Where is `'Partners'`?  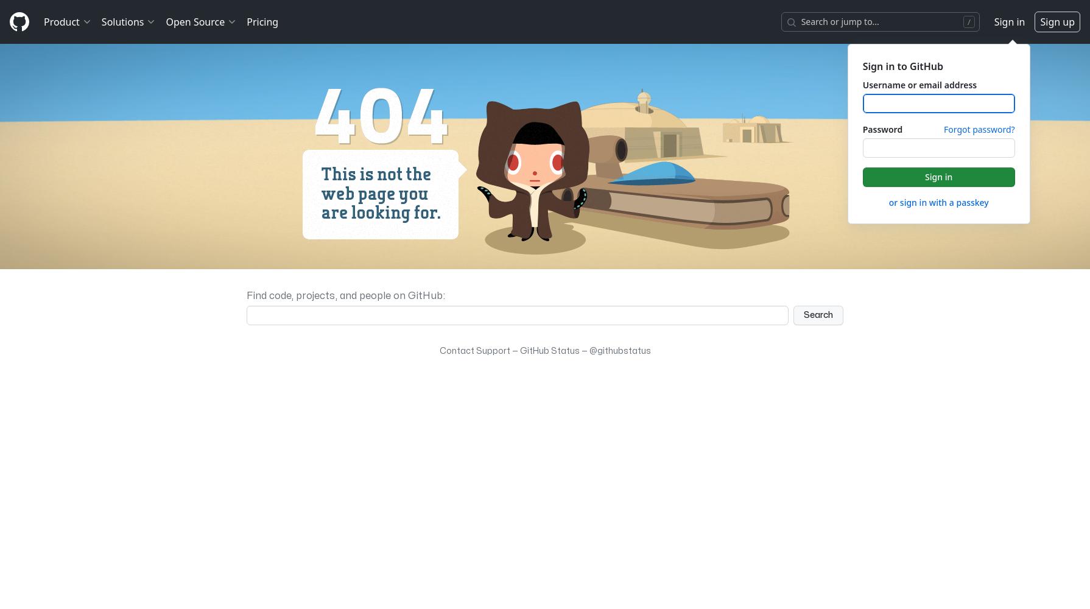 'Partners' is located at coordinates (120, 347).